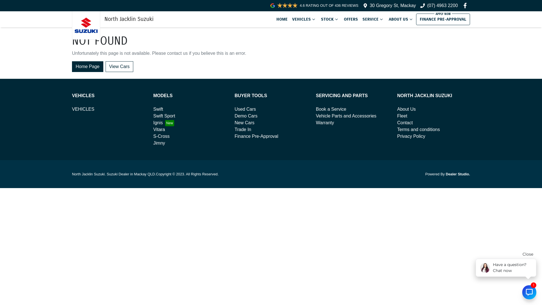  Describe the element at coordinates (315, 116) in the screenshot. I see `'Vehicle Parts and Accessories'` at that location.